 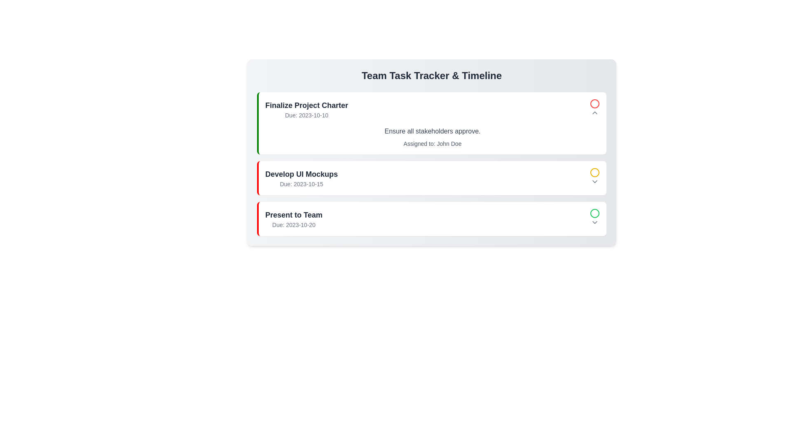 I want to click on the downward-pointing chevron icon button located in the bottom right section of the third task item, so click(x=595, y=222).